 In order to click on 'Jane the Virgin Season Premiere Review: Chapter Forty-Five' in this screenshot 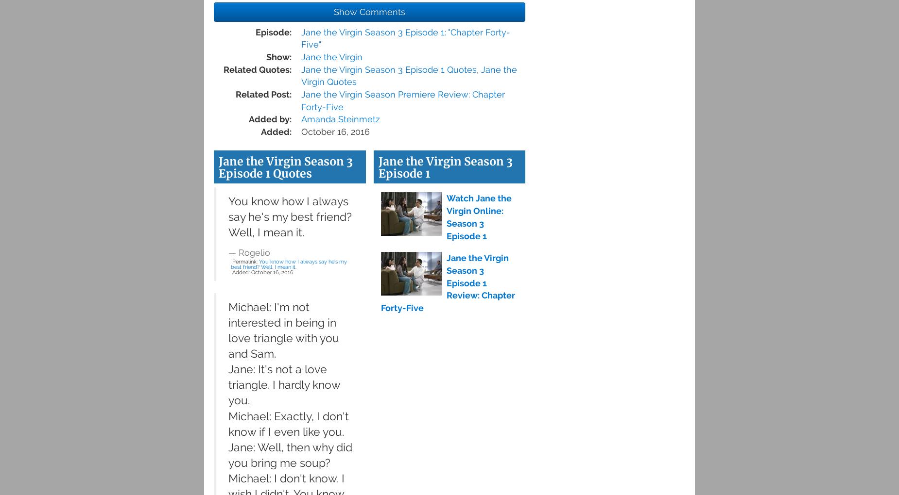, I will do `click(403, 99)`.